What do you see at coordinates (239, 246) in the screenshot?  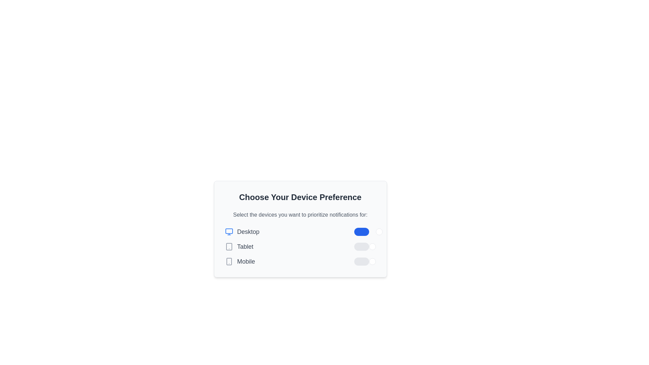 I see `the 'Tablet' device preference option, which is the second item in the vertical list of device preferences, located to the right of its corresponding icon` at bounding box center [239, 246].